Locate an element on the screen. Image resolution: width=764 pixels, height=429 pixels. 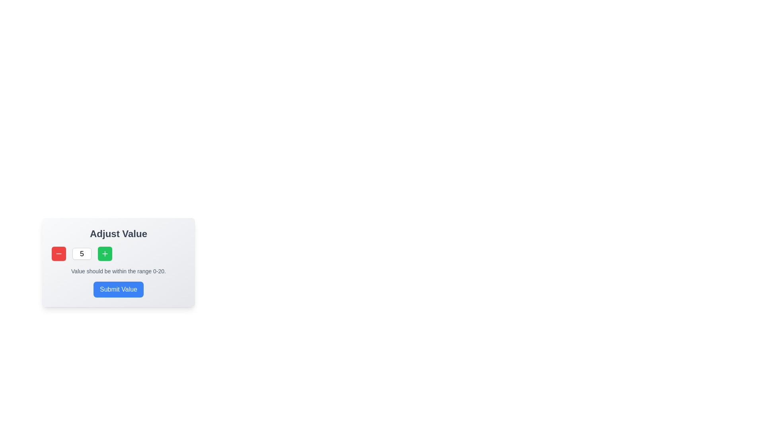
the text input box that is currently set to '5' to focus on it is located at coordinates (82, 254).